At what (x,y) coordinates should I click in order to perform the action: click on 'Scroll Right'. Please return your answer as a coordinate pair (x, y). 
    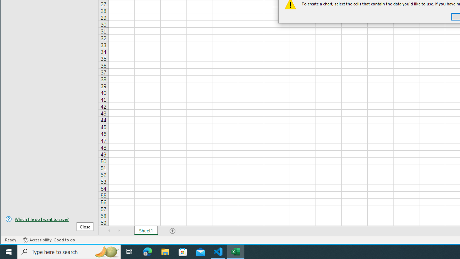
    Looking at the image, I should click on (119, 231).